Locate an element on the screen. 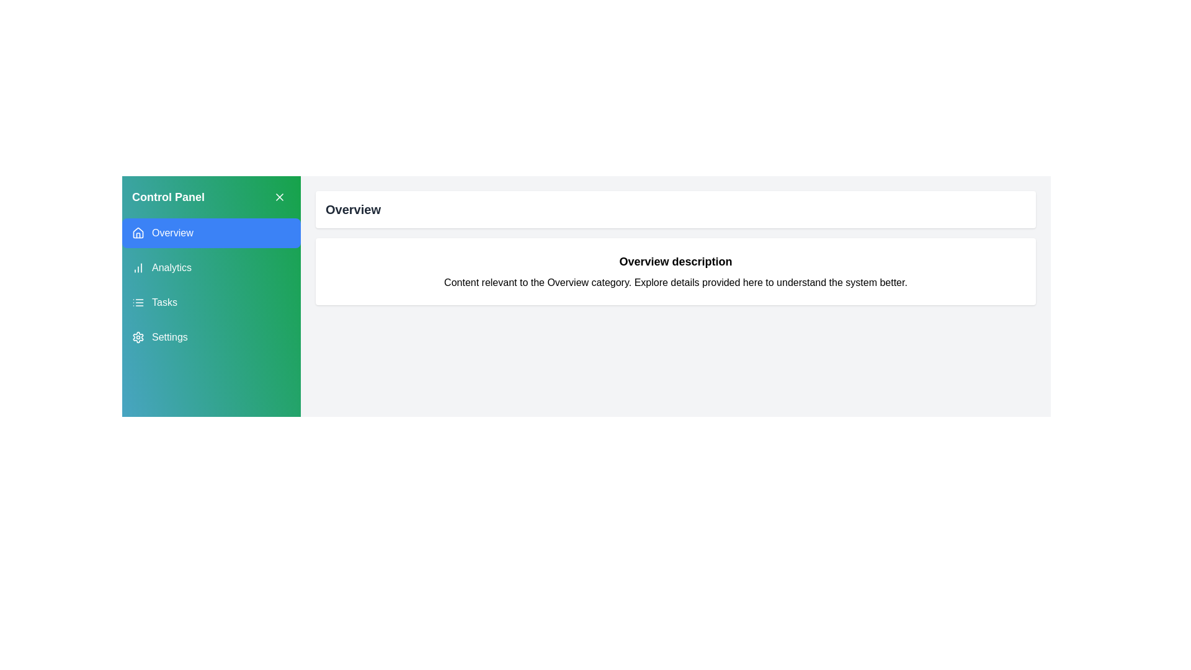 Image resolution: width=1191 pixels, height=670 pixels. the category Settings in the drawer menu is located at coordinates (211, 337).